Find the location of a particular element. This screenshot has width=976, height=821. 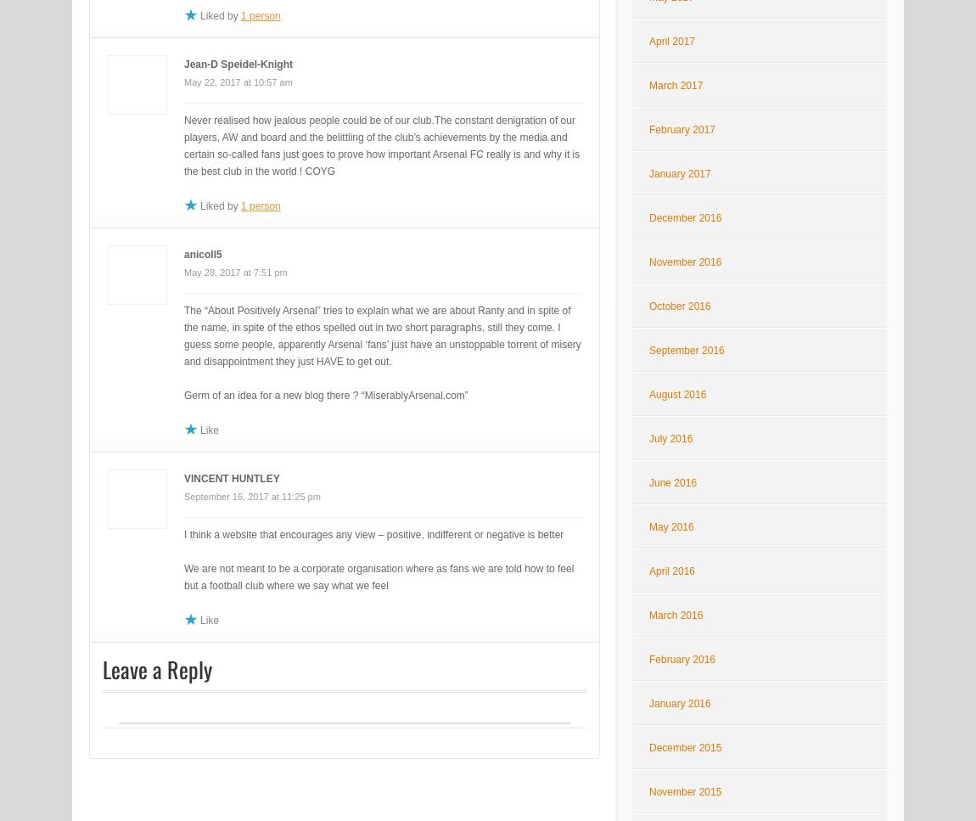

'January 2016' is located at coordinates (678, 704).